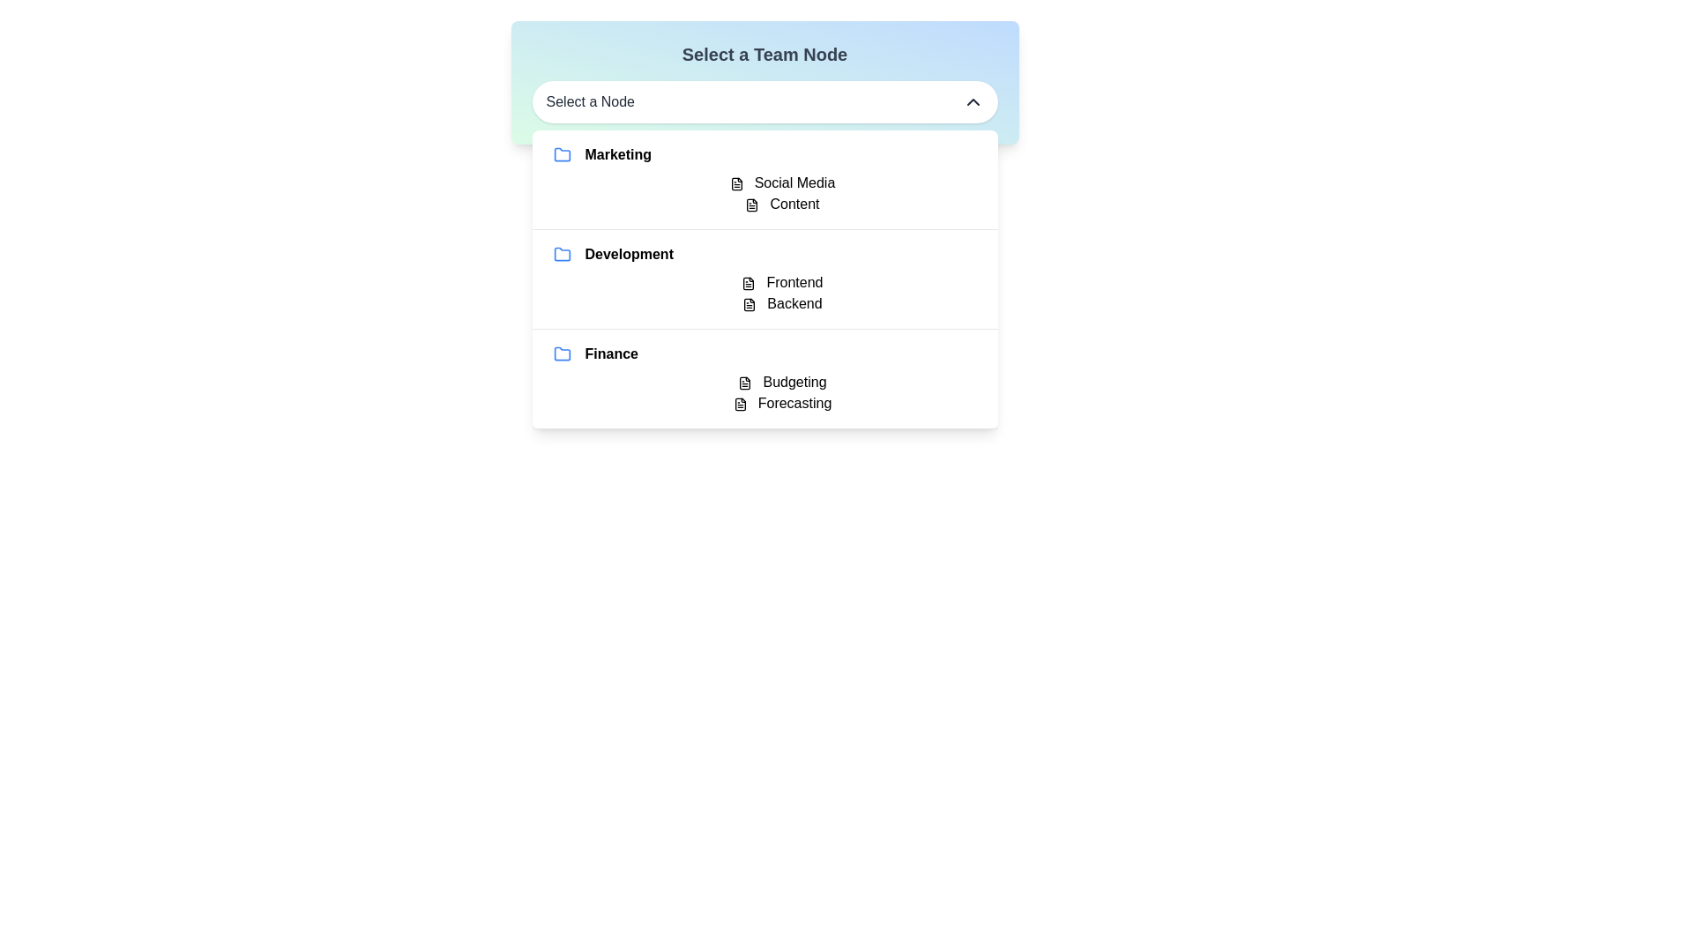 The height and width of the screenshot is (952, 1693). Describe the element at coordinates (618, 154) in the screenshot. I see `text label for the 'Marketing' team node, which is positioned immediately to the right of the blue folder icon in the dropdown under the 'Select a Team Node' section` at that location.